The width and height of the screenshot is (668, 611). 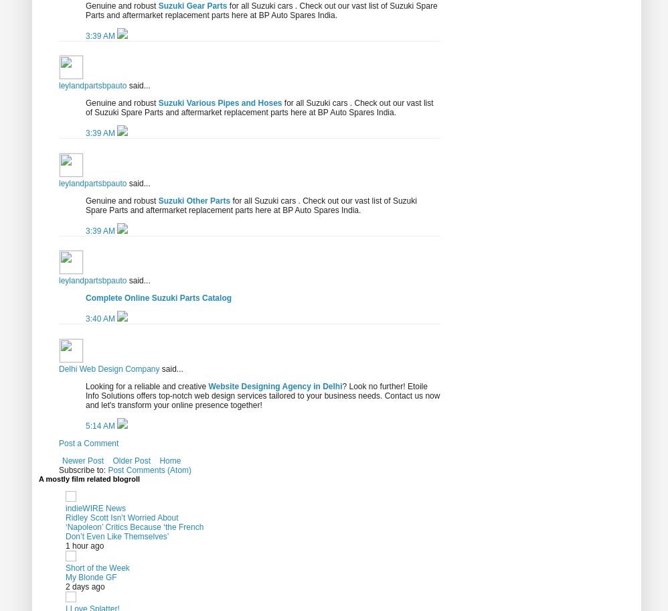 What do you see at coordinates (131, 460) in the screenshot?
I see `'Older Post'` at bounding box center [131, 460].